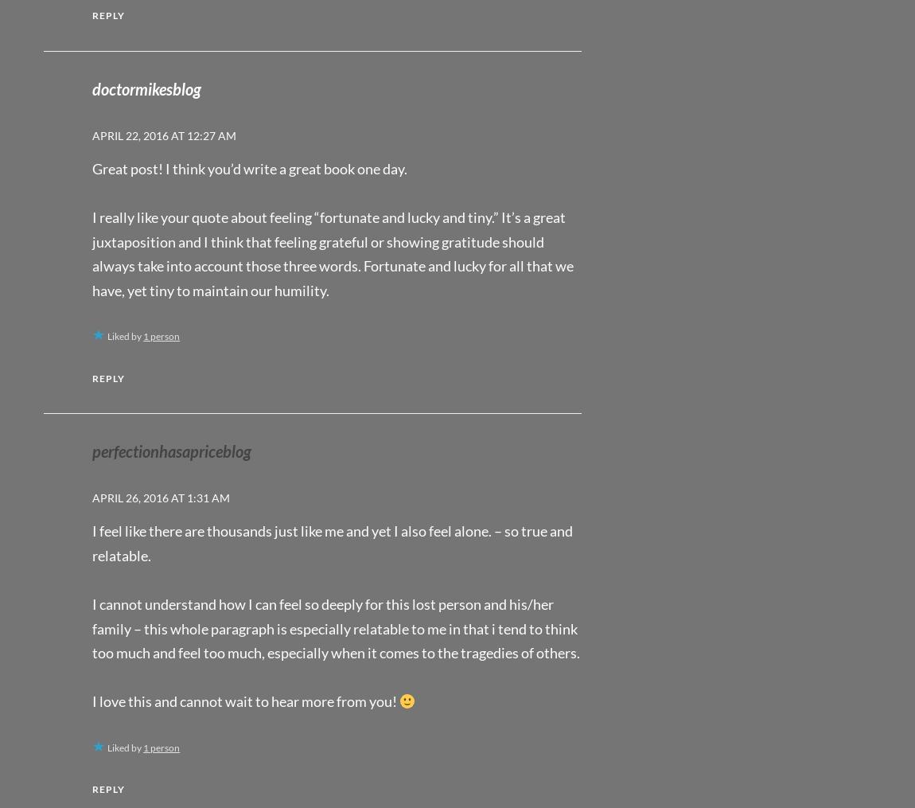 Image resolution: width=915 pixels, height=808 pixels. I want to click on 'April 26, 2016 at 1:31 am', so click(91, 497).